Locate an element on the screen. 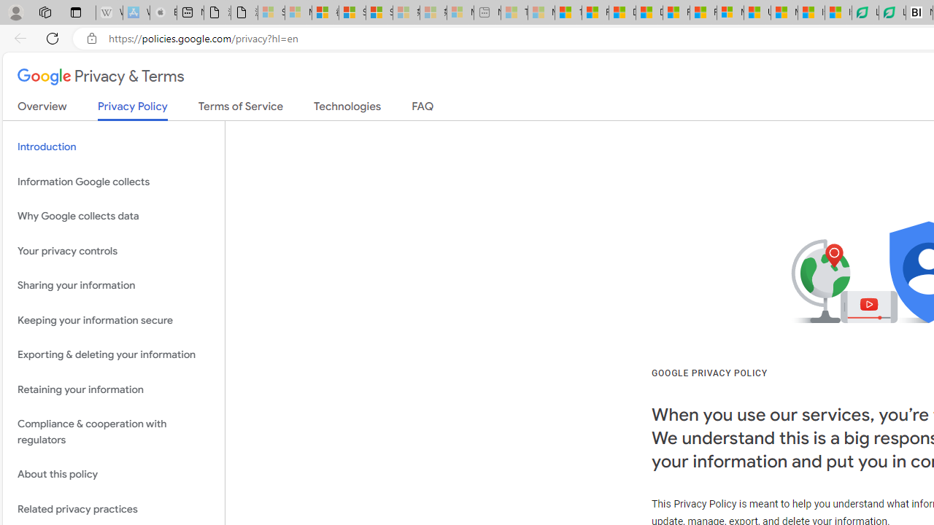 This screenshot has height=525, width=934. 'Information Google collects' is located at coordinates (113, 181).